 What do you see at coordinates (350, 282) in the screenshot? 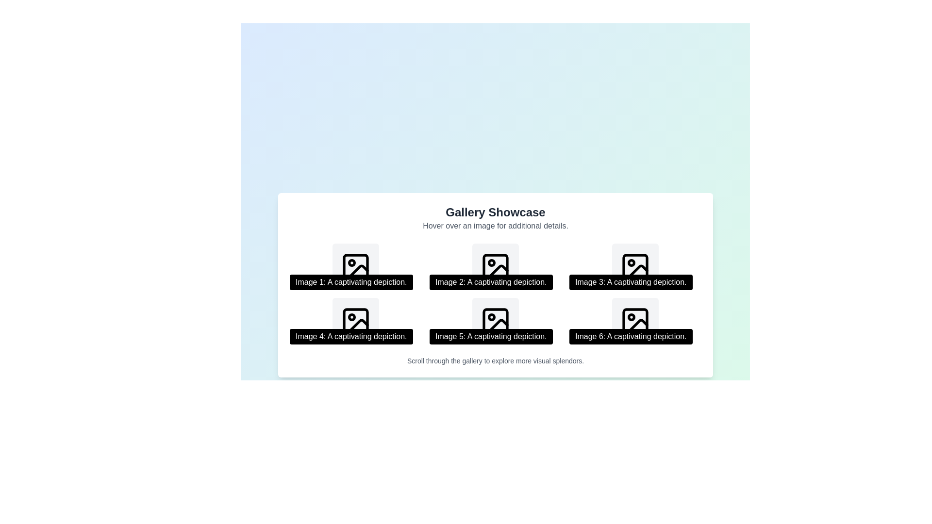
I see `the tooltip providing additional context for 'Image 1' in the gallery, located directly below the image` at bounding box center [350, 282].